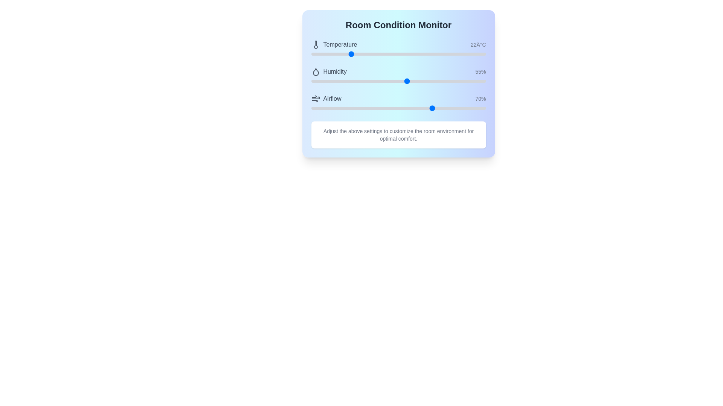  What do you see at coordinates (395, 108) in the screenshot?
I see `the airflow` at bounding box center [395, 108].